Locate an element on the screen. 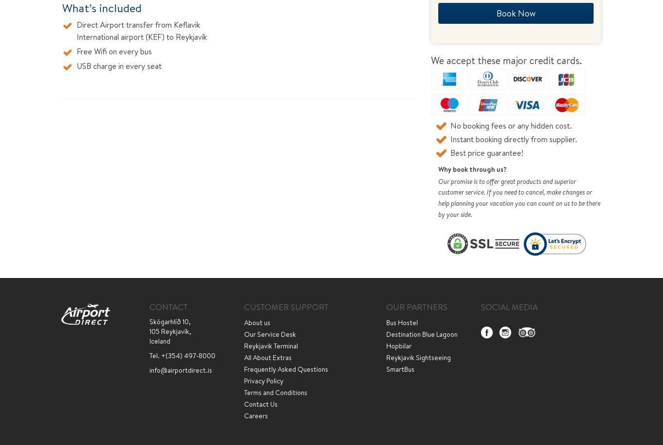  'Frequently Asked Questions' is located at coordinates (285, 368).